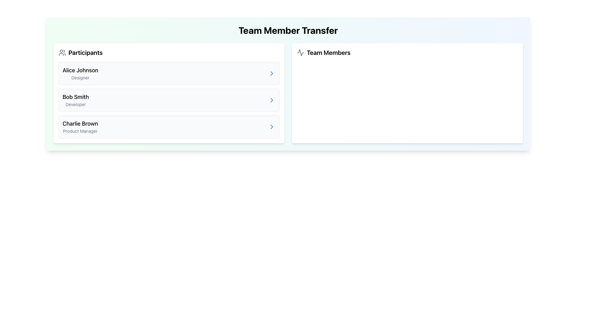  I want to click on the interactive icon indicating navigational functionality related to 'Alice Johnson', so click(272, 73).